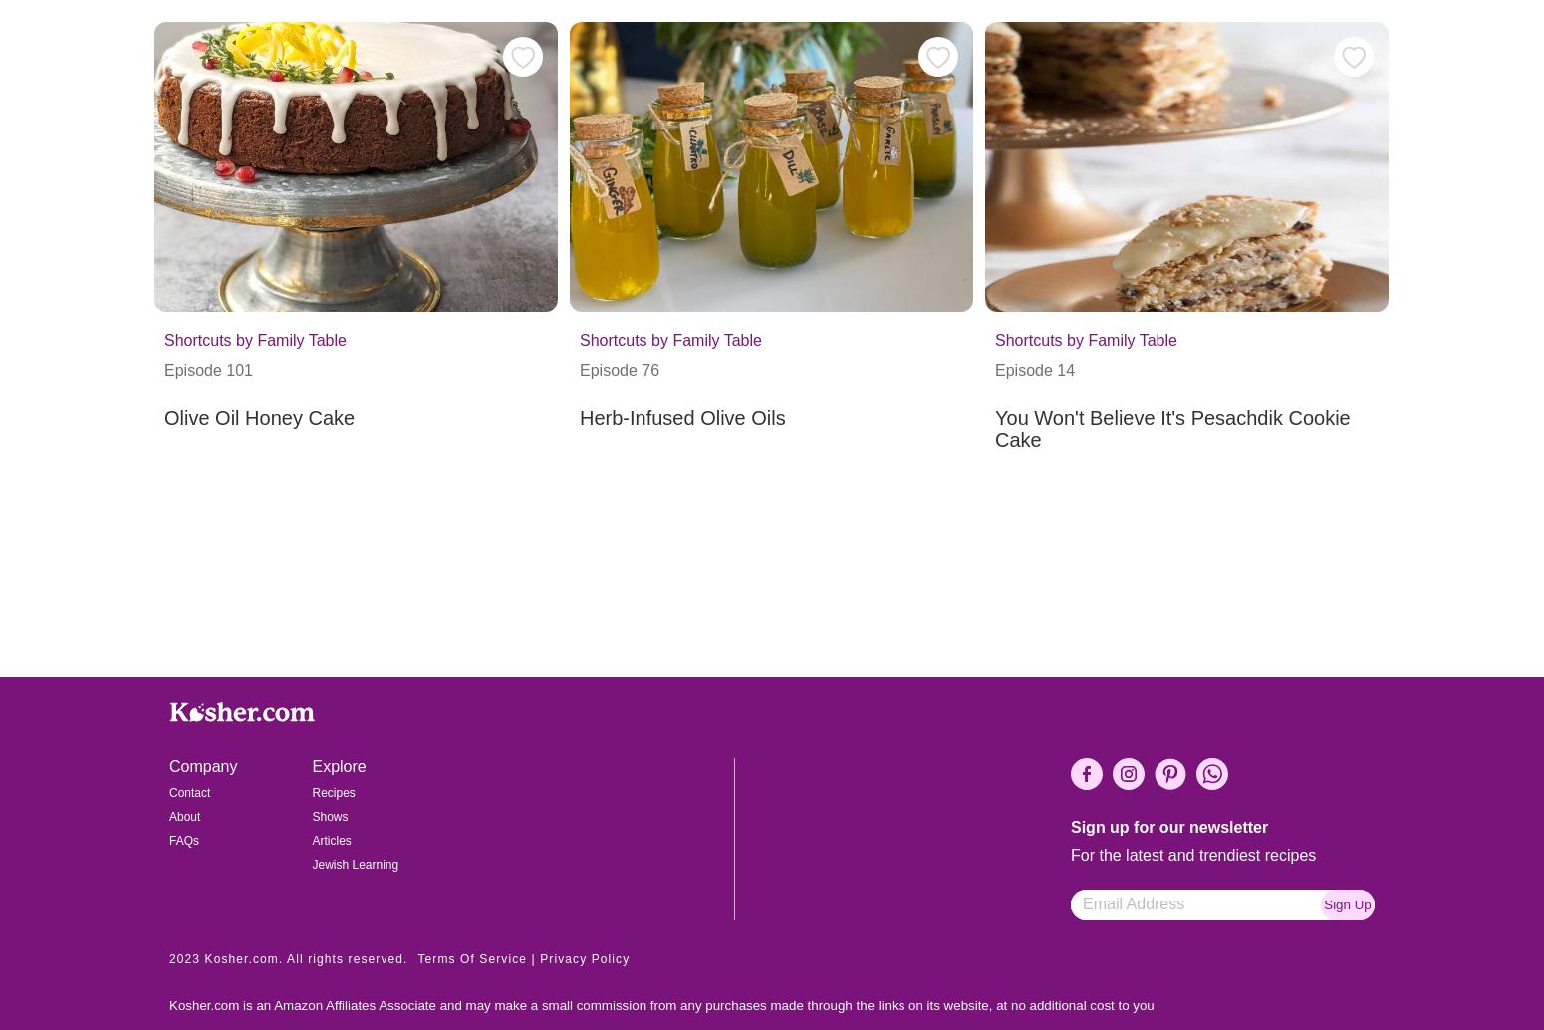 This screenshot has width=1544, height=1030. What do you see at coordinates (354, 864) in the screenshot?
I see `'Jewish Learning'` at bounding box center [354, 864].